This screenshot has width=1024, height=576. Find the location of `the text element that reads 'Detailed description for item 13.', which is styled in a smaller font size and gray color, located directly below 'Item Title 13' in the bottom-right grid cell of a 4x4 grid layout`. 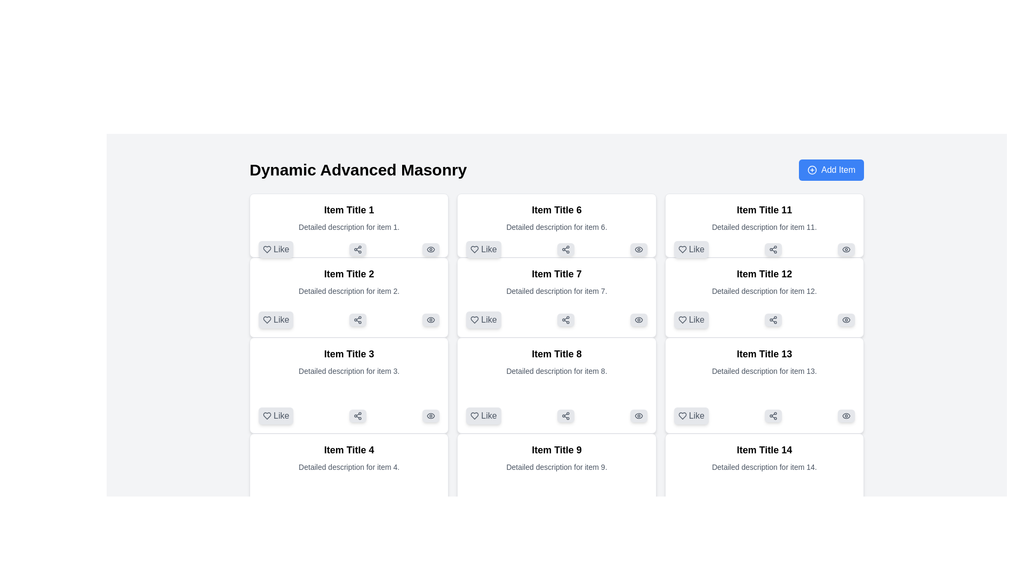

the text element that reads 'Detailed description for item 13.', which is styled in a smaller font size and gray color, located directly below 'Item Title 13' in the bottom-right grid cell of a 4x4 grid layout is located at coordinates (764, 370).